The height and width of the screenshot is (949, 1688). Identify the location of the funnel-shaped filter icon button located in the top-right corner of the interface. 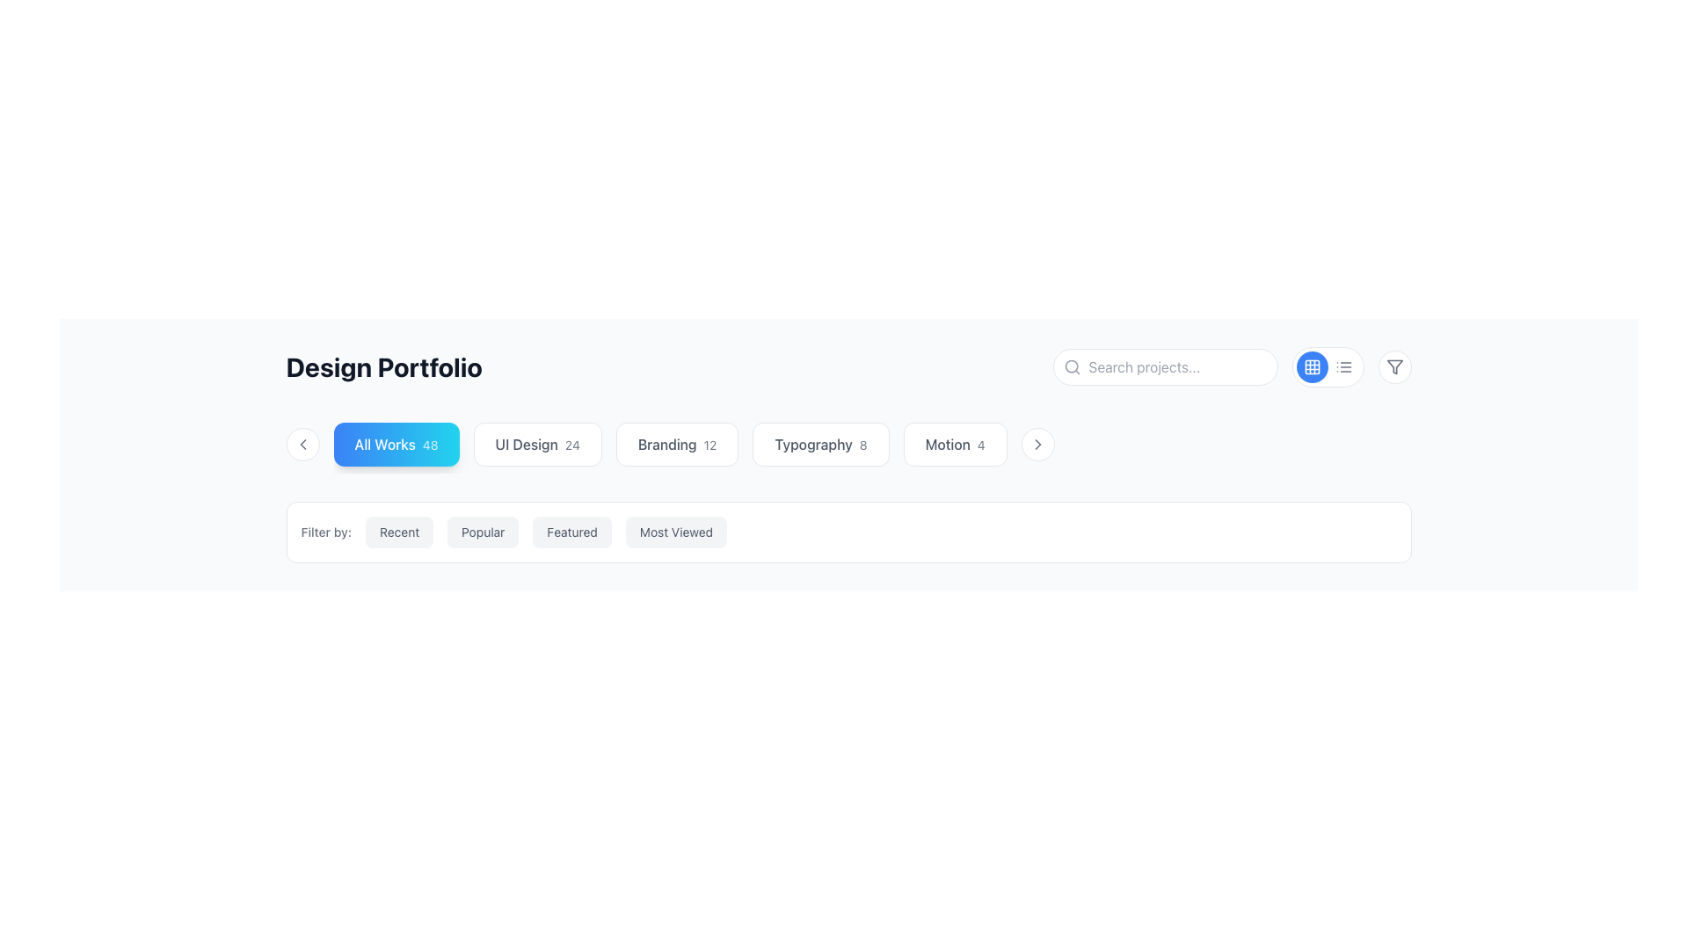
(1393, 366).